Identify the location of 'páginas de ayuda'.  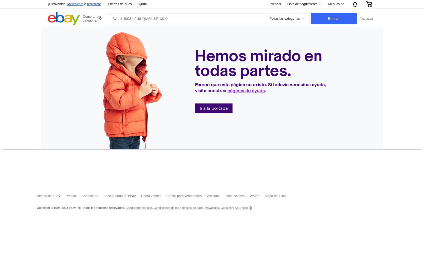
(246, 90).